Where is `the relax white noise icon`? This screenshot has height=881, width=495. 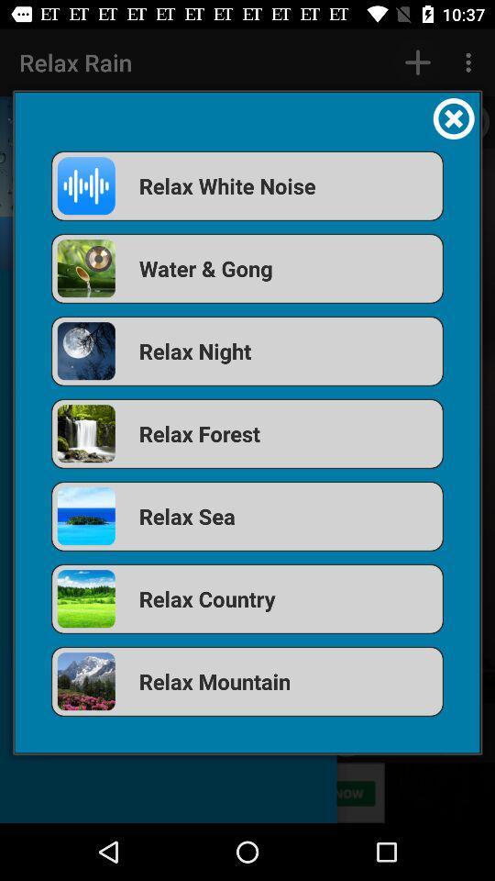 the relax white noise icon is located at coordinates (247, 185).